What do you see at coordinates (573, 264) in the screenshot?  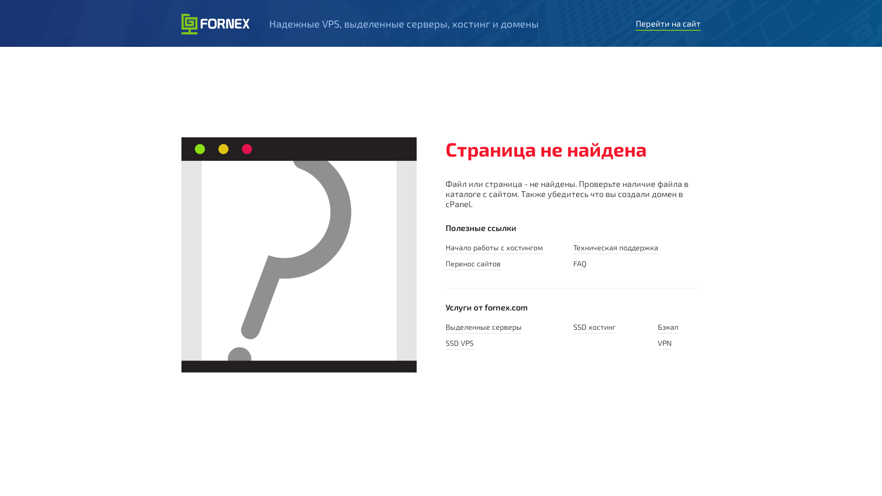 I see `'FAQ'` at bounding box center [573, 264].